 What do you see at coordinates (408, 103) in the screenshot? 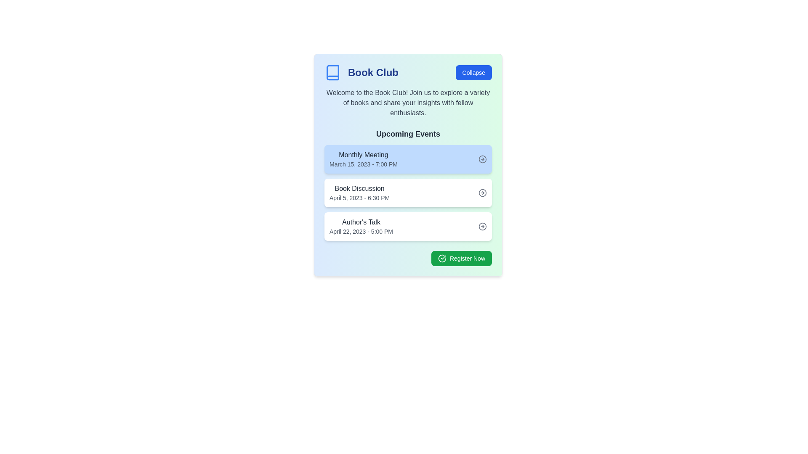
I see `the text block displaying the message 'Welcome to the Book Club! Join us` at bounding box center [408, 103].